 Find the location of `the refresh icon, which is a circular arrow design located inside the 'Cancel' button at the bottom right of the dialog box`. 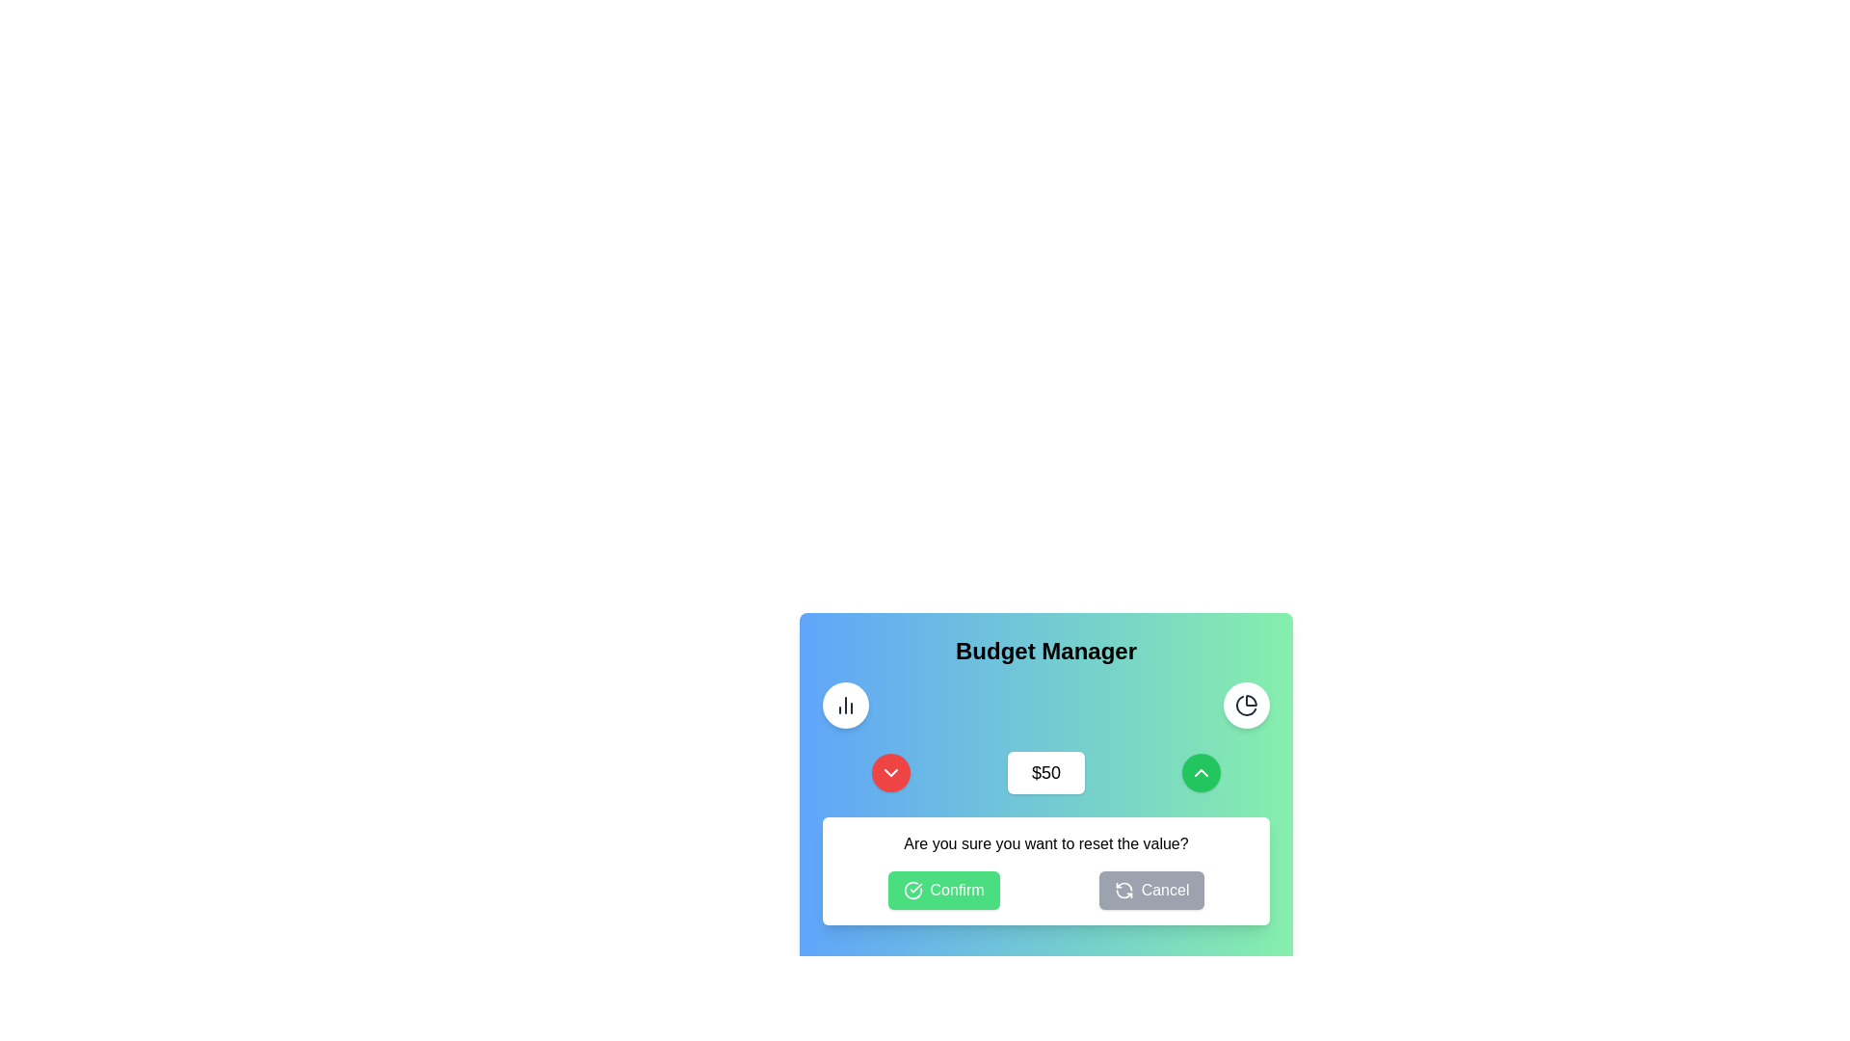

the refresh icon, which is a circular arrow design located inside the 'Cancel' button at the bottom right of the dialog box is located at coordinates (1123, 891).